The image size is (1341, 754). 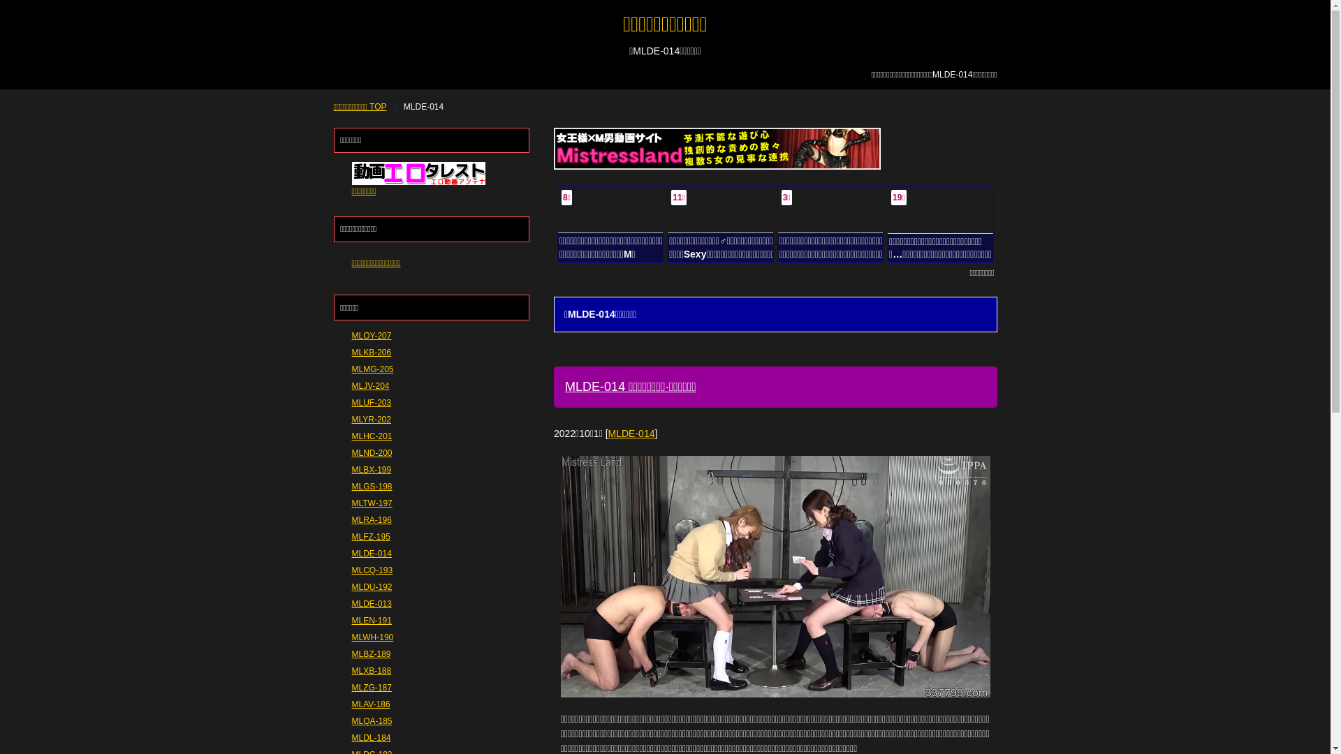 I want to click on 'MLBZ-189', so click(x=372, y=654).